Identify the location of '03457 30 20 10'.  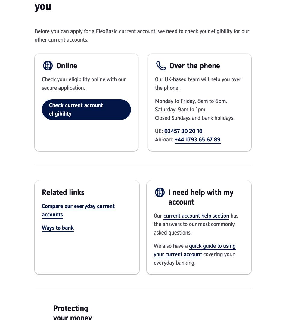
(164, 131).